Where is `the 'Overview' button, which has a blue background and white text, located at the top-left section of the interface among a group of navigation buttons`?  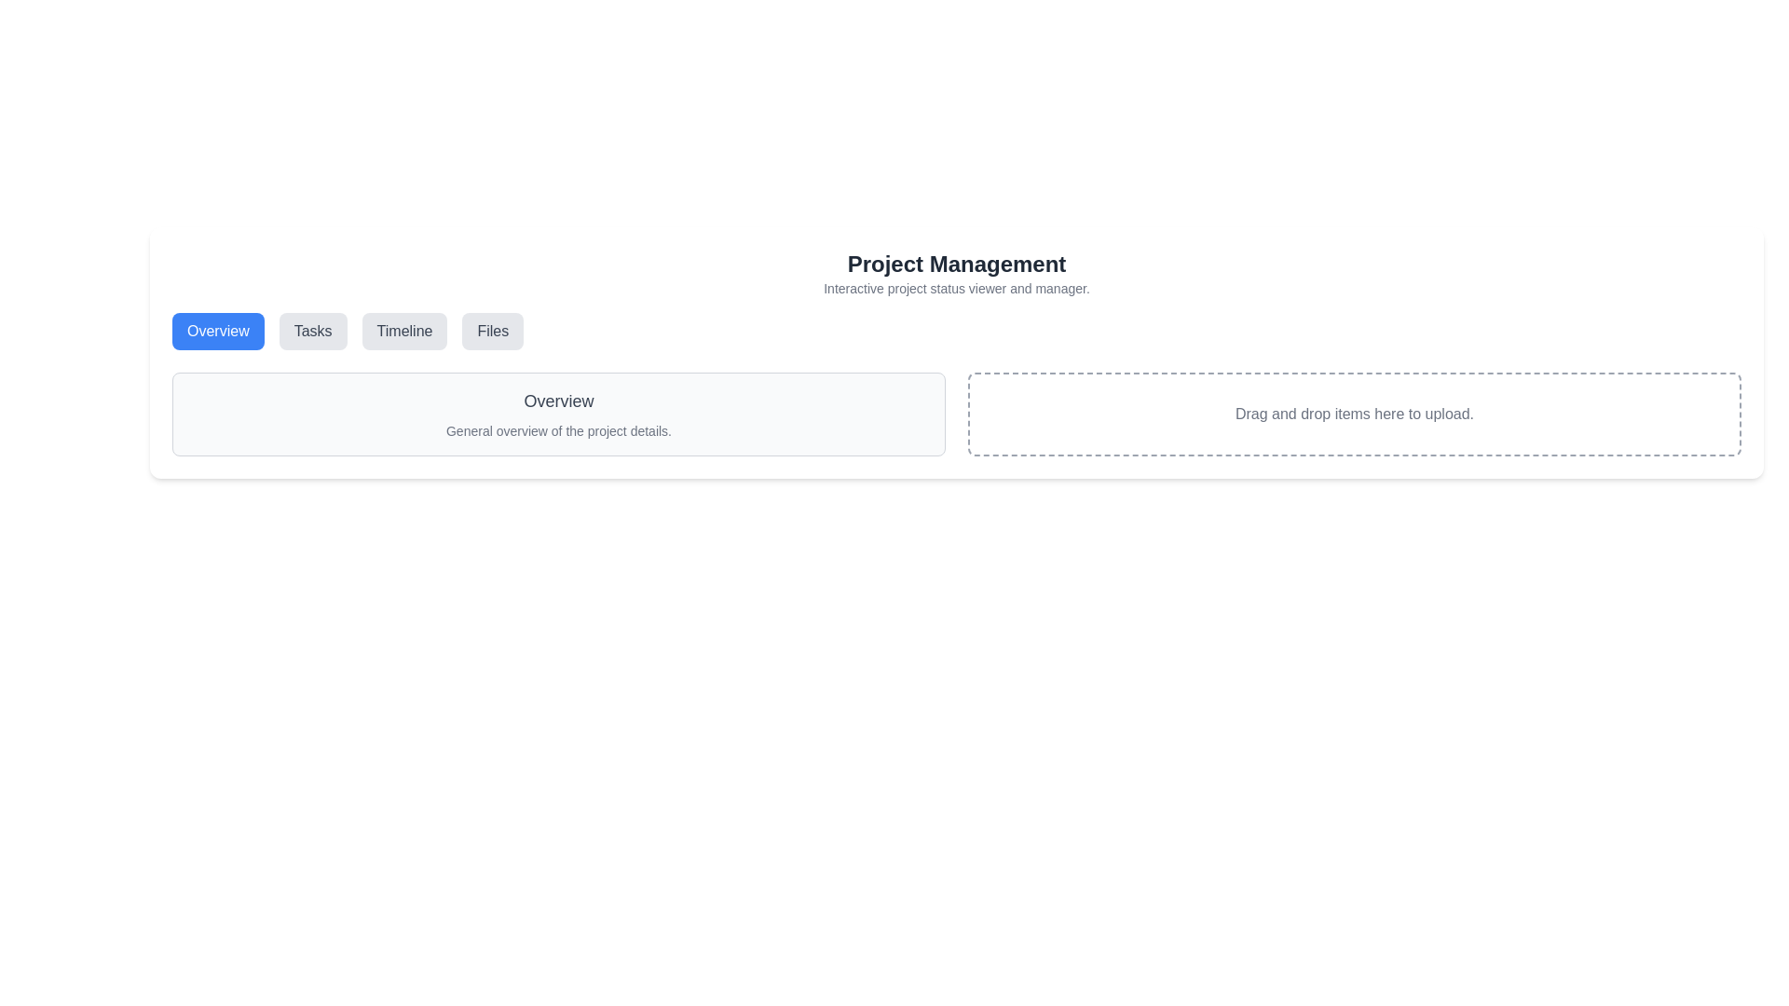 the 'Overview' button, which has a blue background and white text, located at the top-left section of the interface among a group of navigation buttons is located at coordinates (218, 330).